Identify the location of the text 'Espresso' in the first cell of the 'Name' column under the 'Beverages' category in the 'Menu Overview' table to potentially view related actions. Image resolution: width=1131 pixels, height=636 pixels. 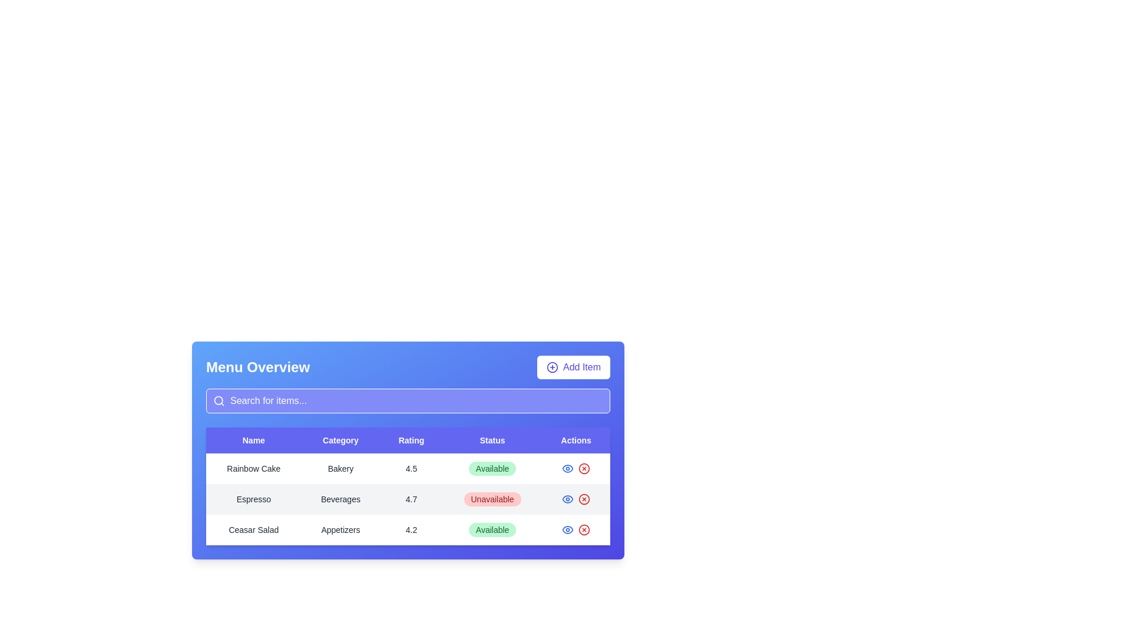
(253, 499).